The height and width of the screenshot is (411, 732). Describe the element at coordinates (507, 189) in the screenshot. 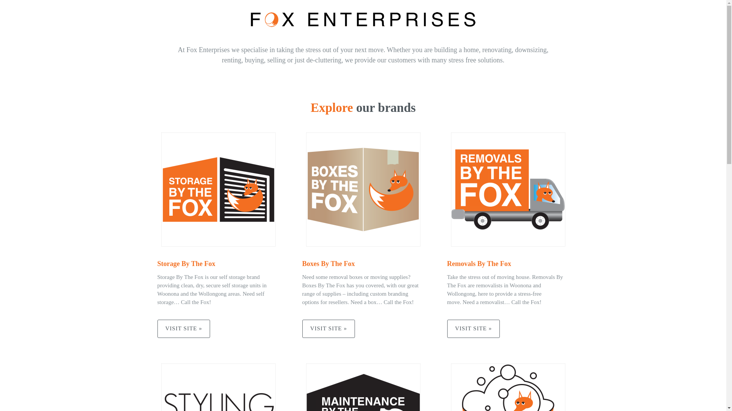

I see `'logo_removalsbythefox'` at that location.